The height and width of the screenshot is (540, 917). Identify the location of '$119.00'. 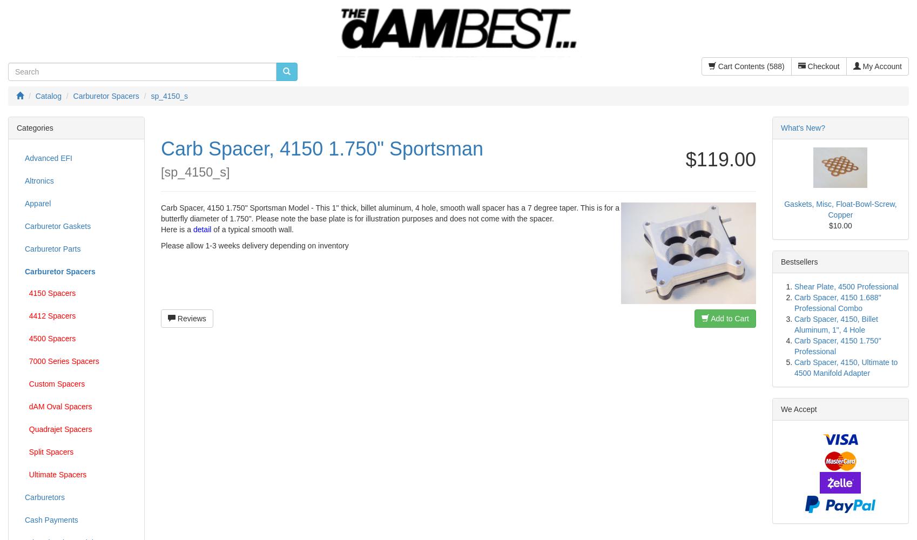
(719, 159).